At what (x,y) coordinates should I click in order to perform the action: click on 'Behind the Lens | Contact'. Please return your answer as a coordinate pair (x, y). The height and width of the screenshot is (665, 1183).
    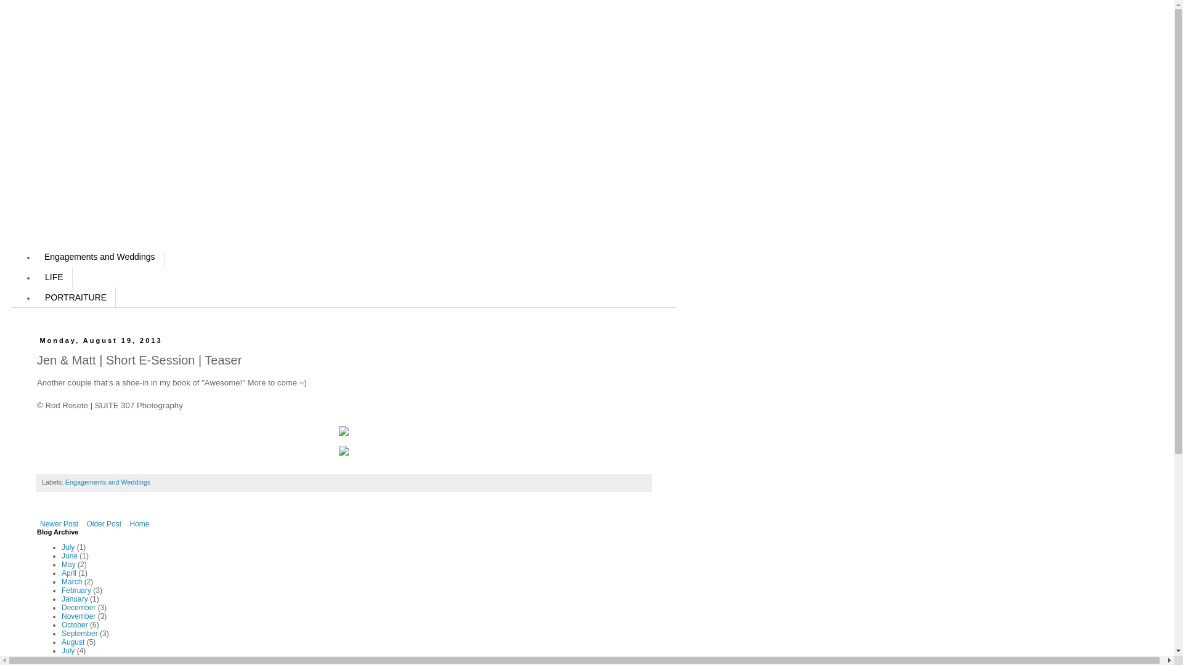
    Looking at the image, I should click on (94, 194).